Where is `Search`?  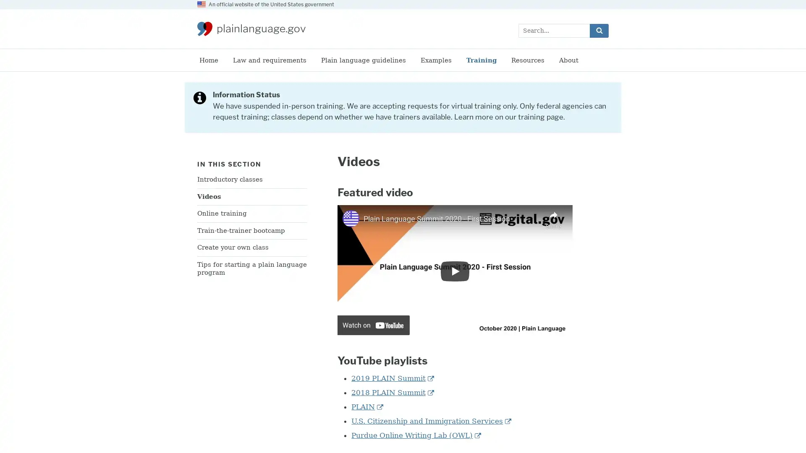 Search is located at coordinates (599, 30).